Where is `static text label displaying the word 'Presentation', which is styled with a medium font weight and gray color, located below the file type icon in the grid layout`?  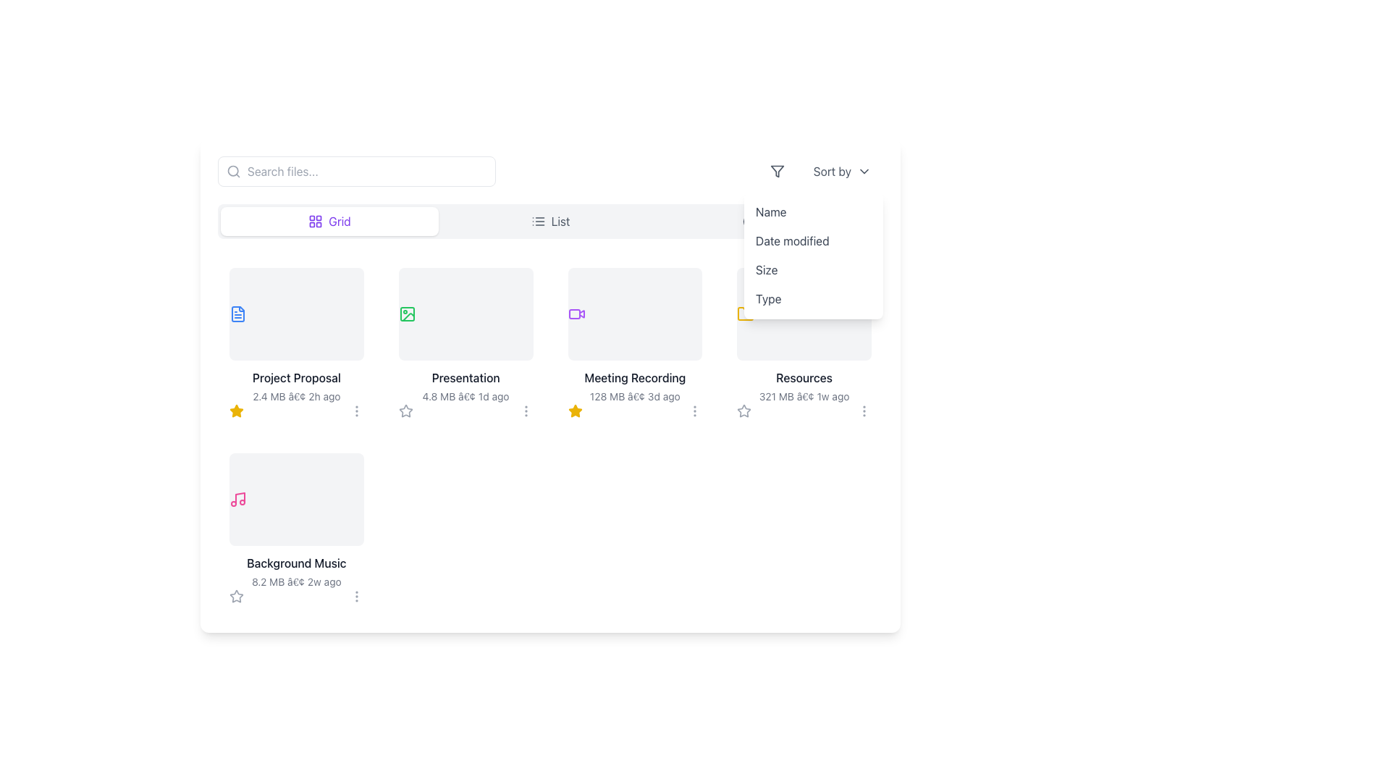
static text label displaying the word 'Presentation', which is styled with a medium font weight and gray color, located below the file type icon in the grid layout is located at coordinates (466, 377).